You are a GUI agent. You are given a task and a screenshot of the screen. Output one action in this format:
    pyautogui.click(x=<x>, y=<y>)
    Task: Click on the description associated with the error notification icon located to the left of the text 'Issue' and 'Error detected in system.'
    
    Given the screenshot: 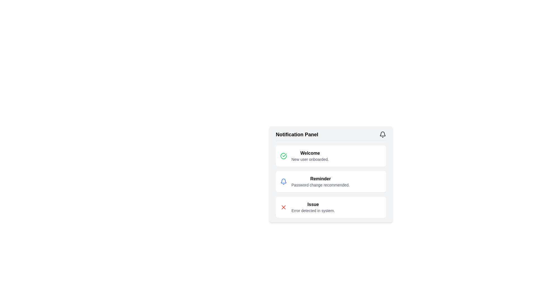 What is the action you would take?
    pyautogui.click(x=284, y=207)
    